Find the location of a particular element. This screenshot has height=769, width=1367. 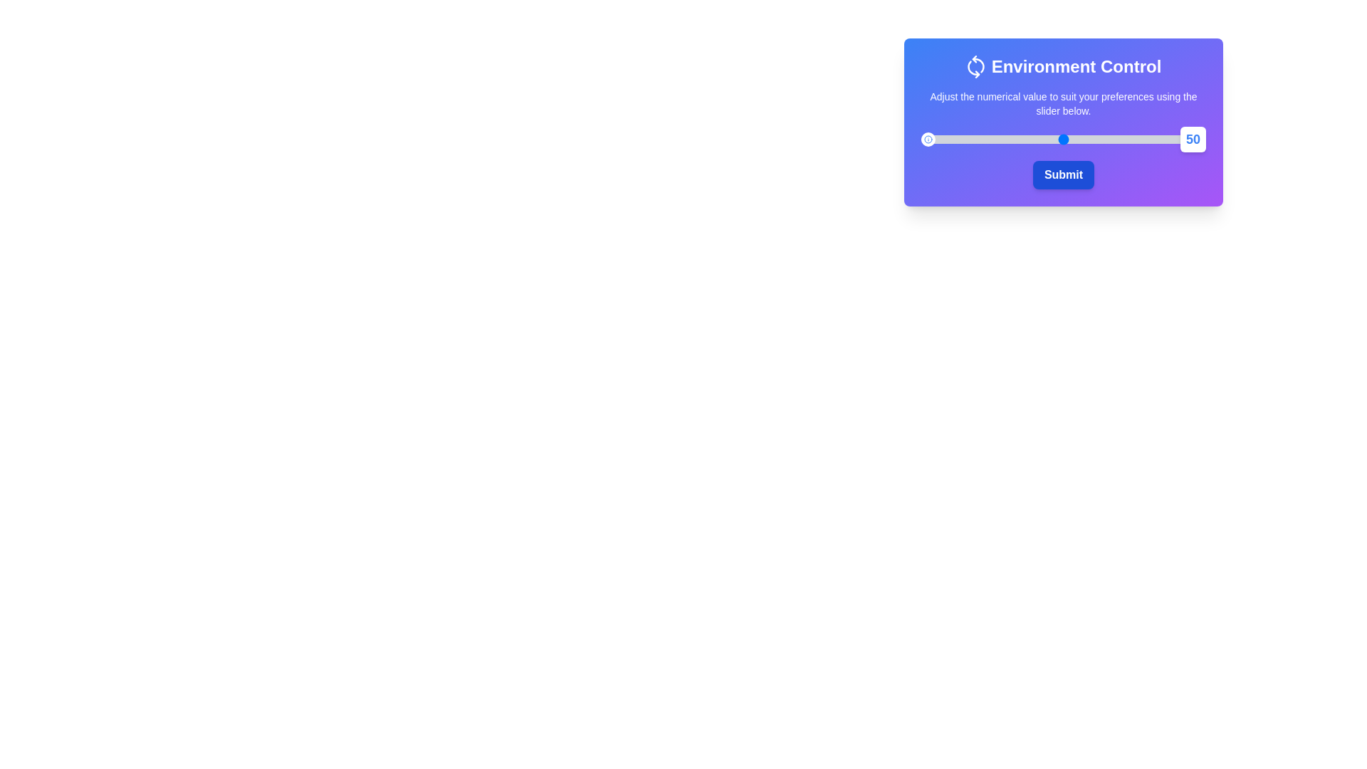

the slider to set the value to 91 is located at coordinates (1180, 140).